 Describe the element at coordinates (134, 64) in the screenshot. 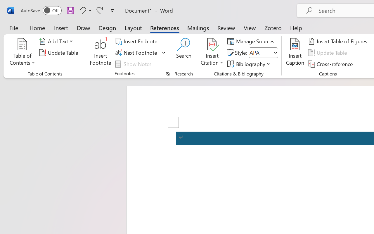

I see `'Show Notes'` at that location.